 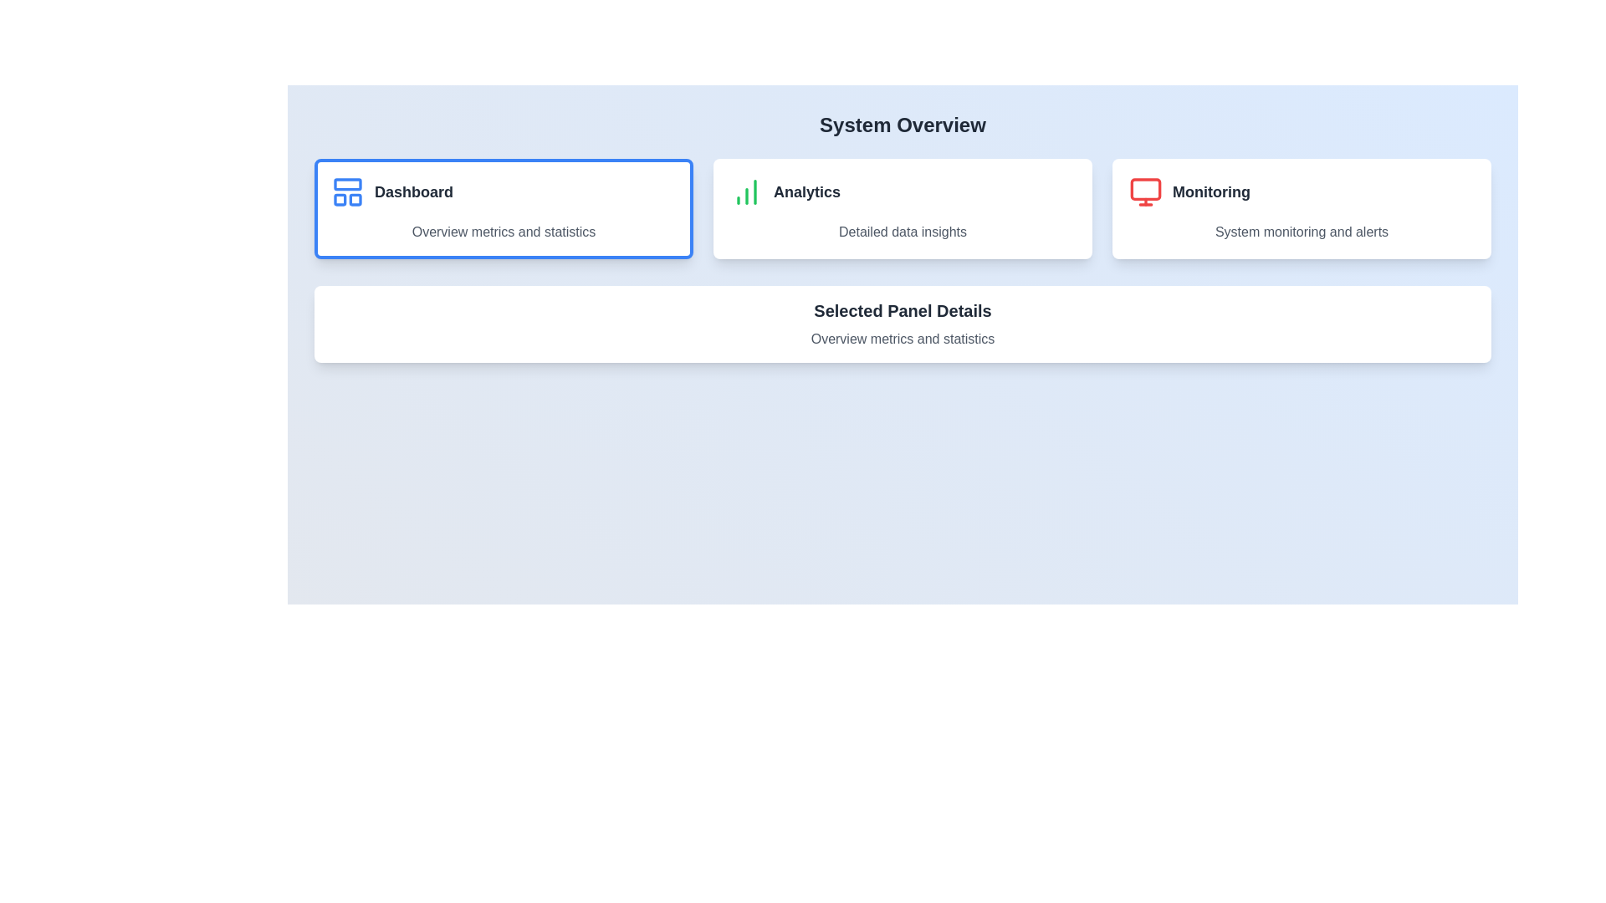 I want to click on the red monitor icon located on the right side of the second panel row labeled 'Monitoring' within the 'System Overview' section, so click(x=1144, y=191).